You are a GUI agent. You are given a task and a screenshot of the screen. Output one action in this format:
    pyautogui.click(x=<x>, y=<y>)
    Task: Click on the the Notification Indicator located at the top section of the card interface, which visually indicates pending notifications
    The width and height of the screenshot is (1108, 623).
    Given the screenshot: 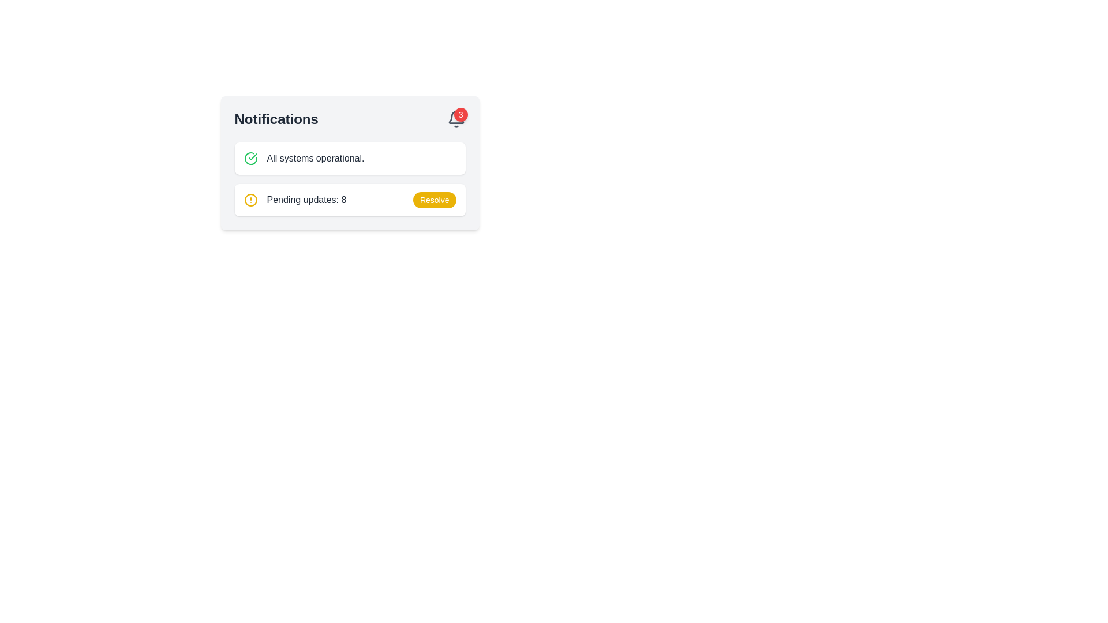 What is the action you would take?
    pyautogui.click(x=349, y=119)
    